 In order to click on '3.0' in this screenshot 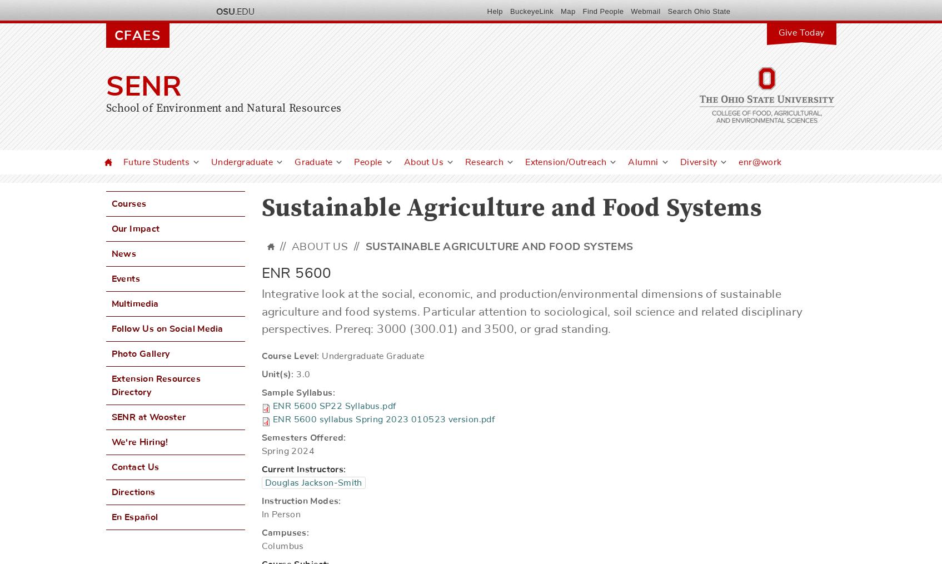, I will do `click(303, 374)`.